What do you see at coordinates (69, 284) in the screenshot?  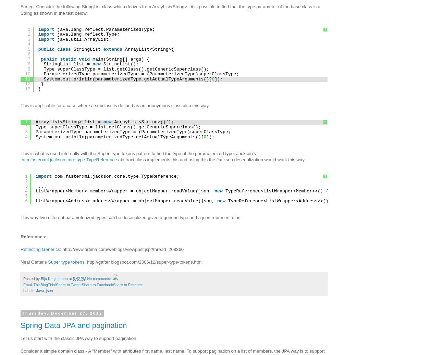 I see `'Share to Twitter'` at bounding box center [69, 284].